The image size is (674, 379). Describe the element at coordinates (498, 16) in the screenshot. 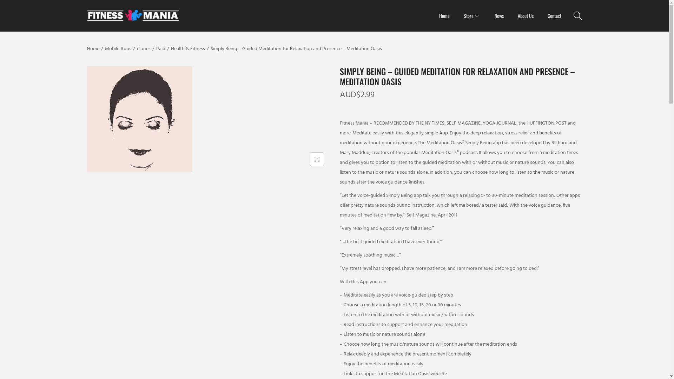

I see `'News'` at that location.